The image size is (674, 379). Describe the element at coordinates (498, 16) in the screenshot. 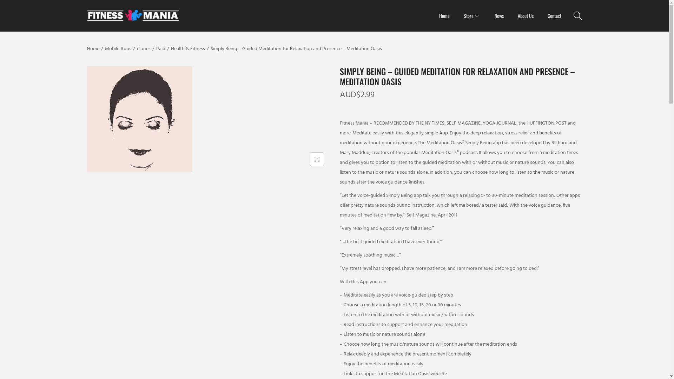

I see `'News'` at that location.